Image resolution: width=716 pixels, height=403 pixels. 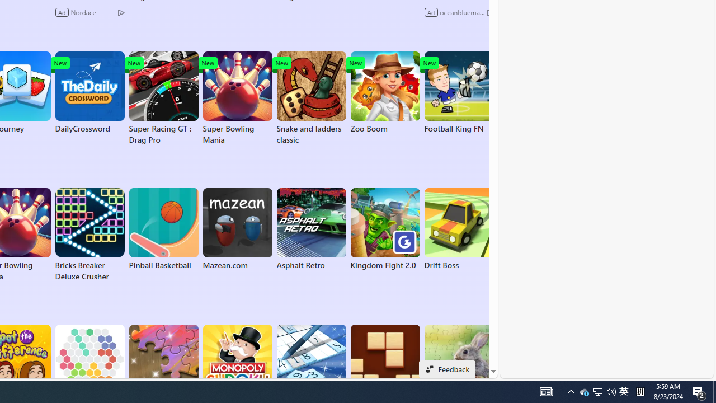 I want to click on 'Drift Boss', so click(x=459, y=229).